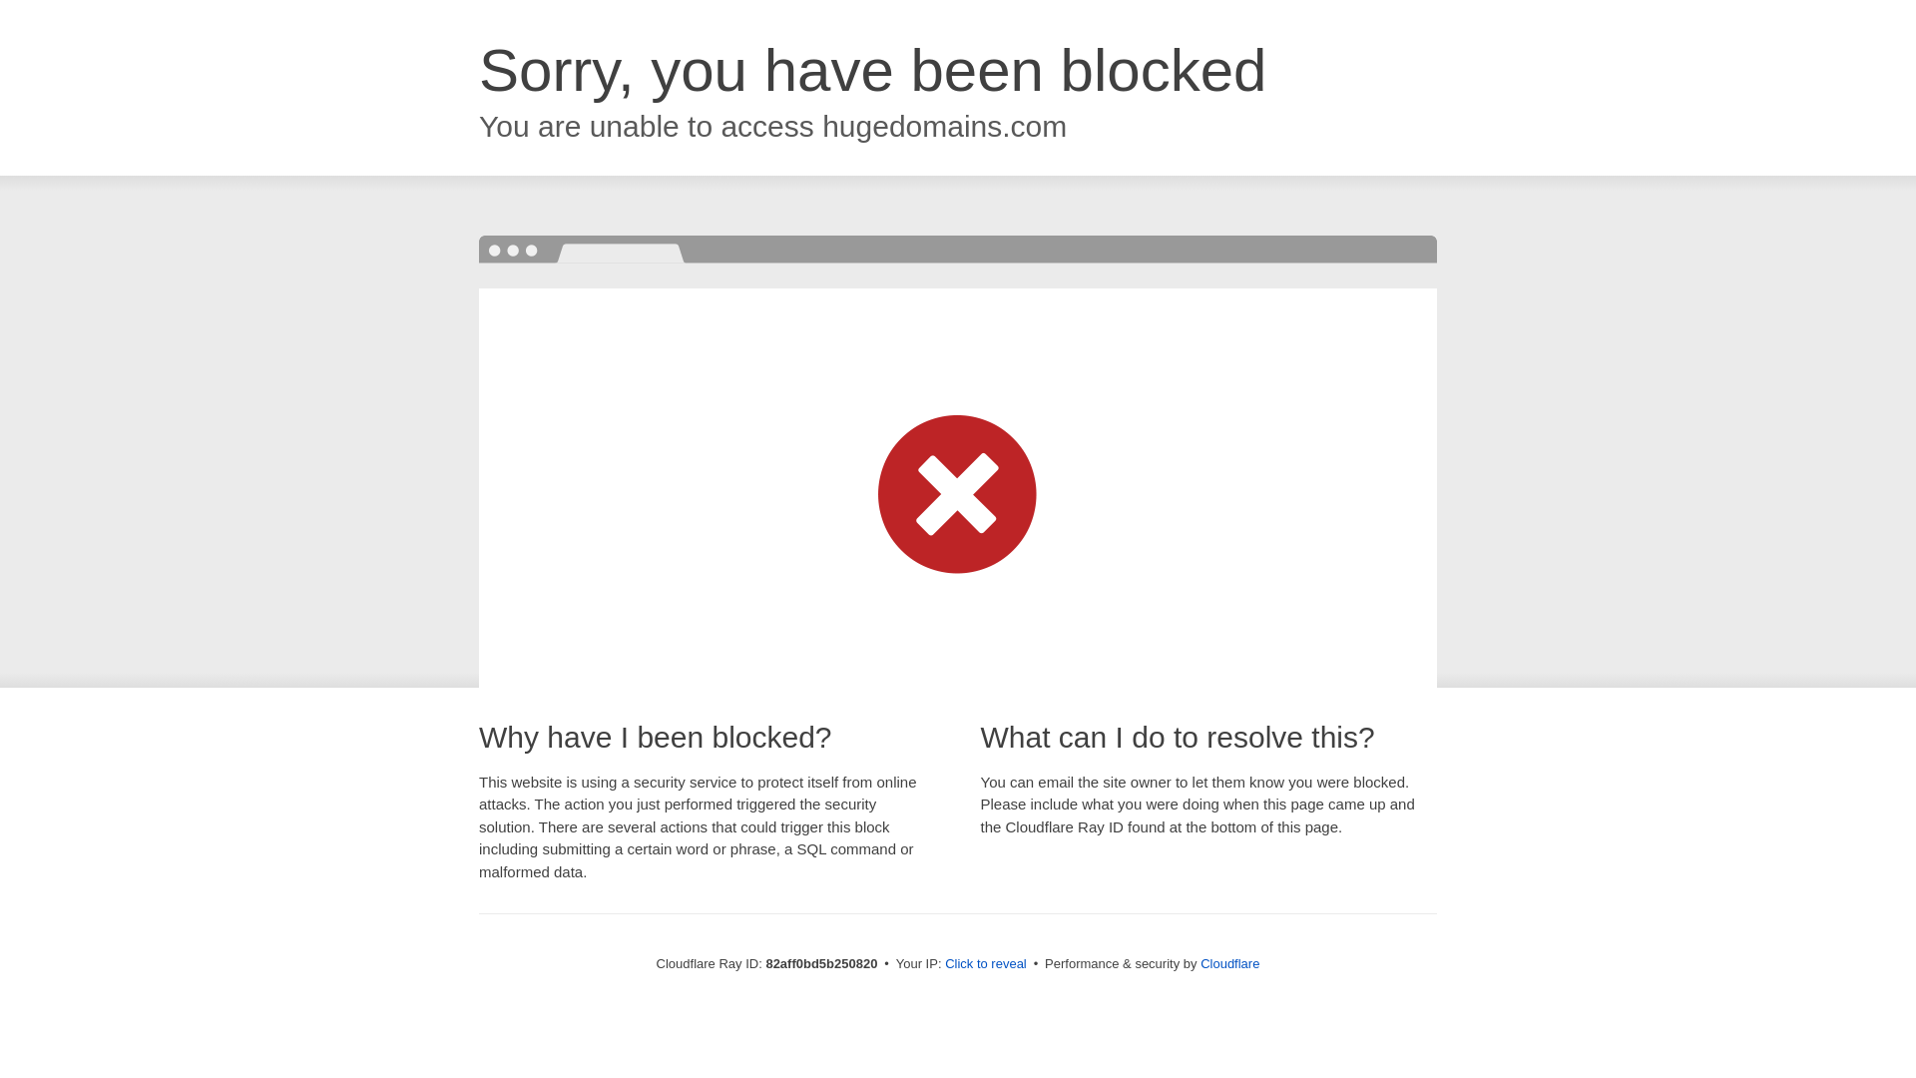 This screenshot has width=1916, height=1078. What do you see at coordinates (1228, 962) in the screenshot?
I see `'Cloudflare'` at bounding box center [1228, 962].